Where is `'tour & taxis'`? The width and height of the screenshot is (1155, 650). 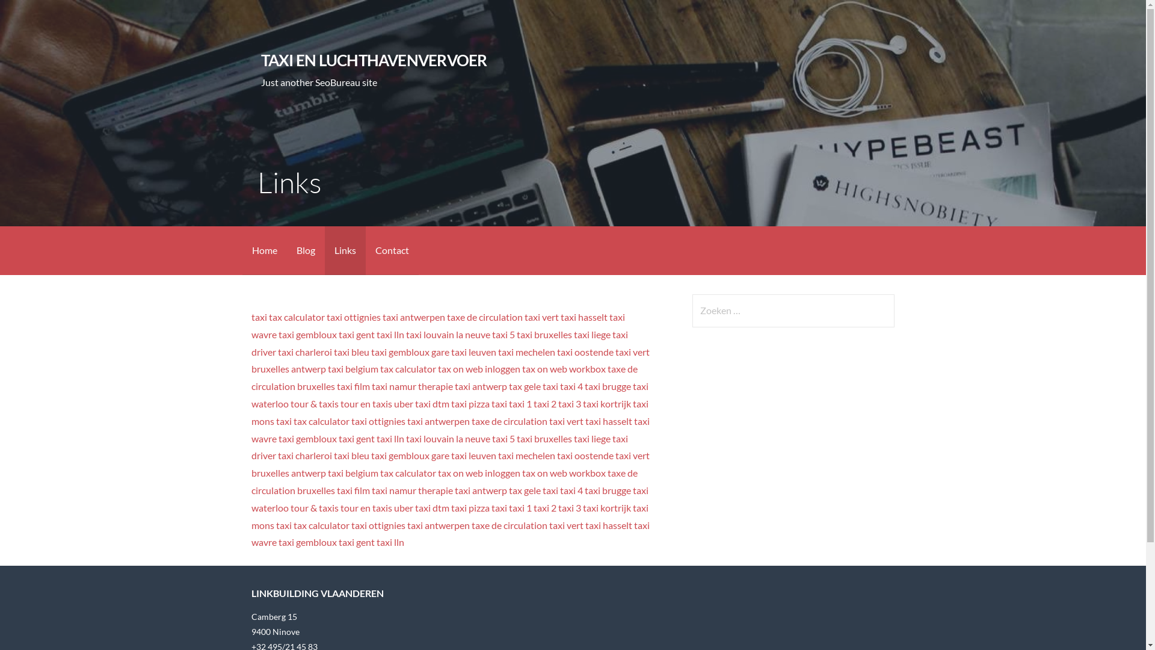 'tour & taxis' is located at coordinates (315, 403).